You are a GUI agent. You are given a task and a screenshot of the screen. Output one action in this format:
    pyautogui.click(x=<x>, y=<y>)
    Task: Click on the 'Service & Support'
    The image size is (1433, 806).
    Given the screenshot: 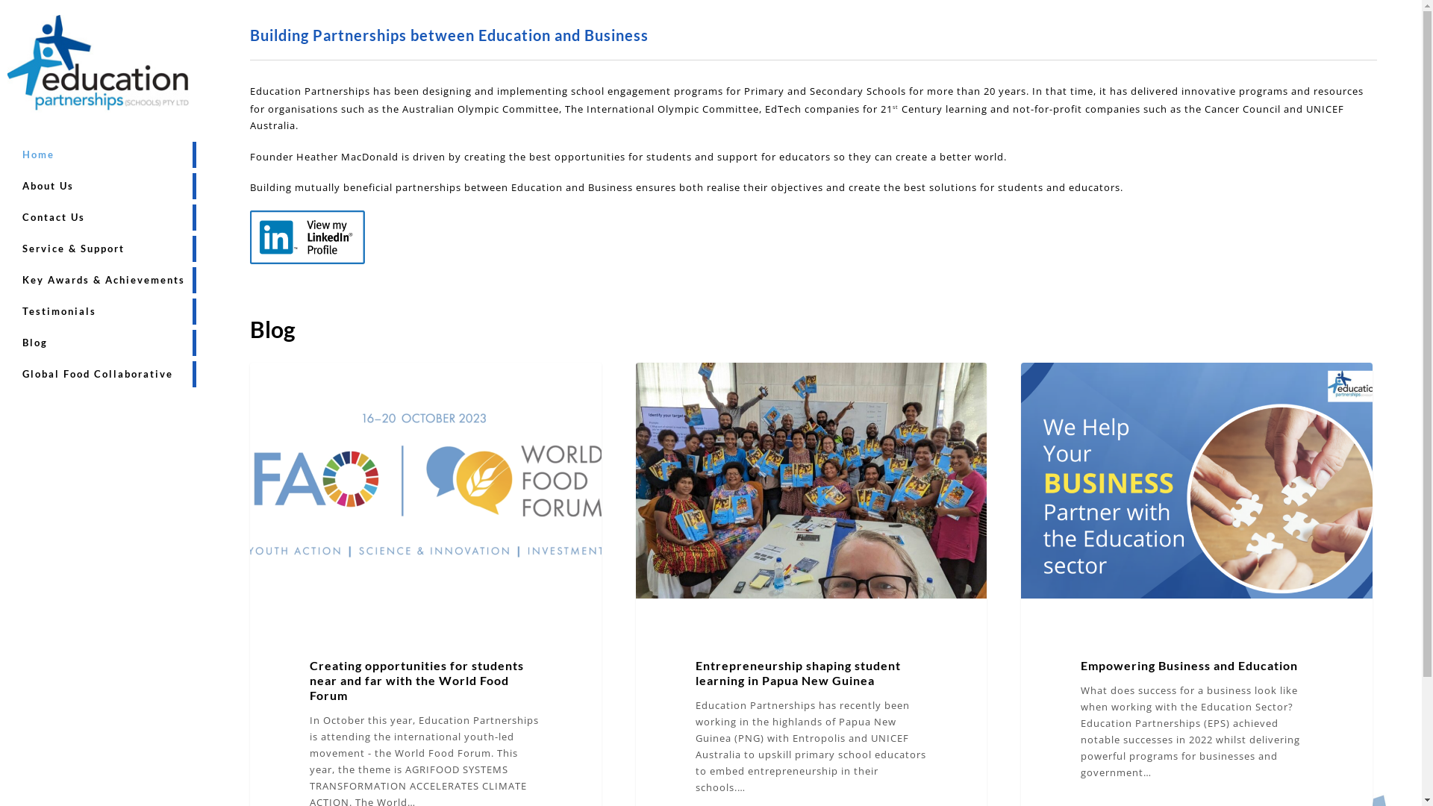 What is the action you would take?
    pyautogui.click(x=72, y=248)
    